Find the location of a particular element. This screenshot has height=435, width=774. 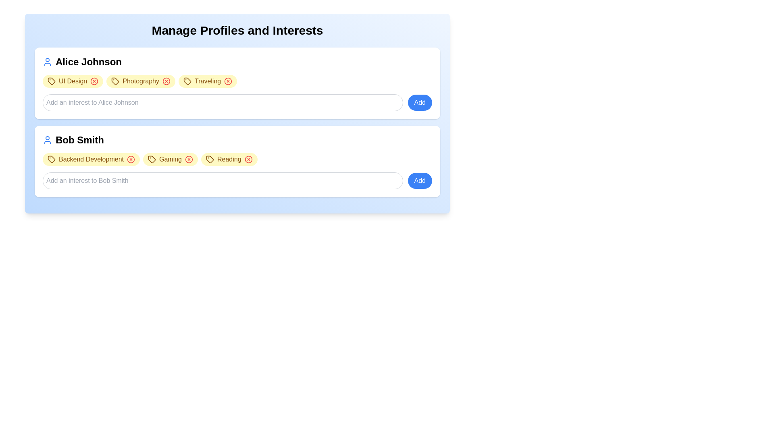

the small tag-shaped icon with a current color outline preceding the text 'Backend Development' in Bob Smith's interests list is located at coordinates (51, 159).